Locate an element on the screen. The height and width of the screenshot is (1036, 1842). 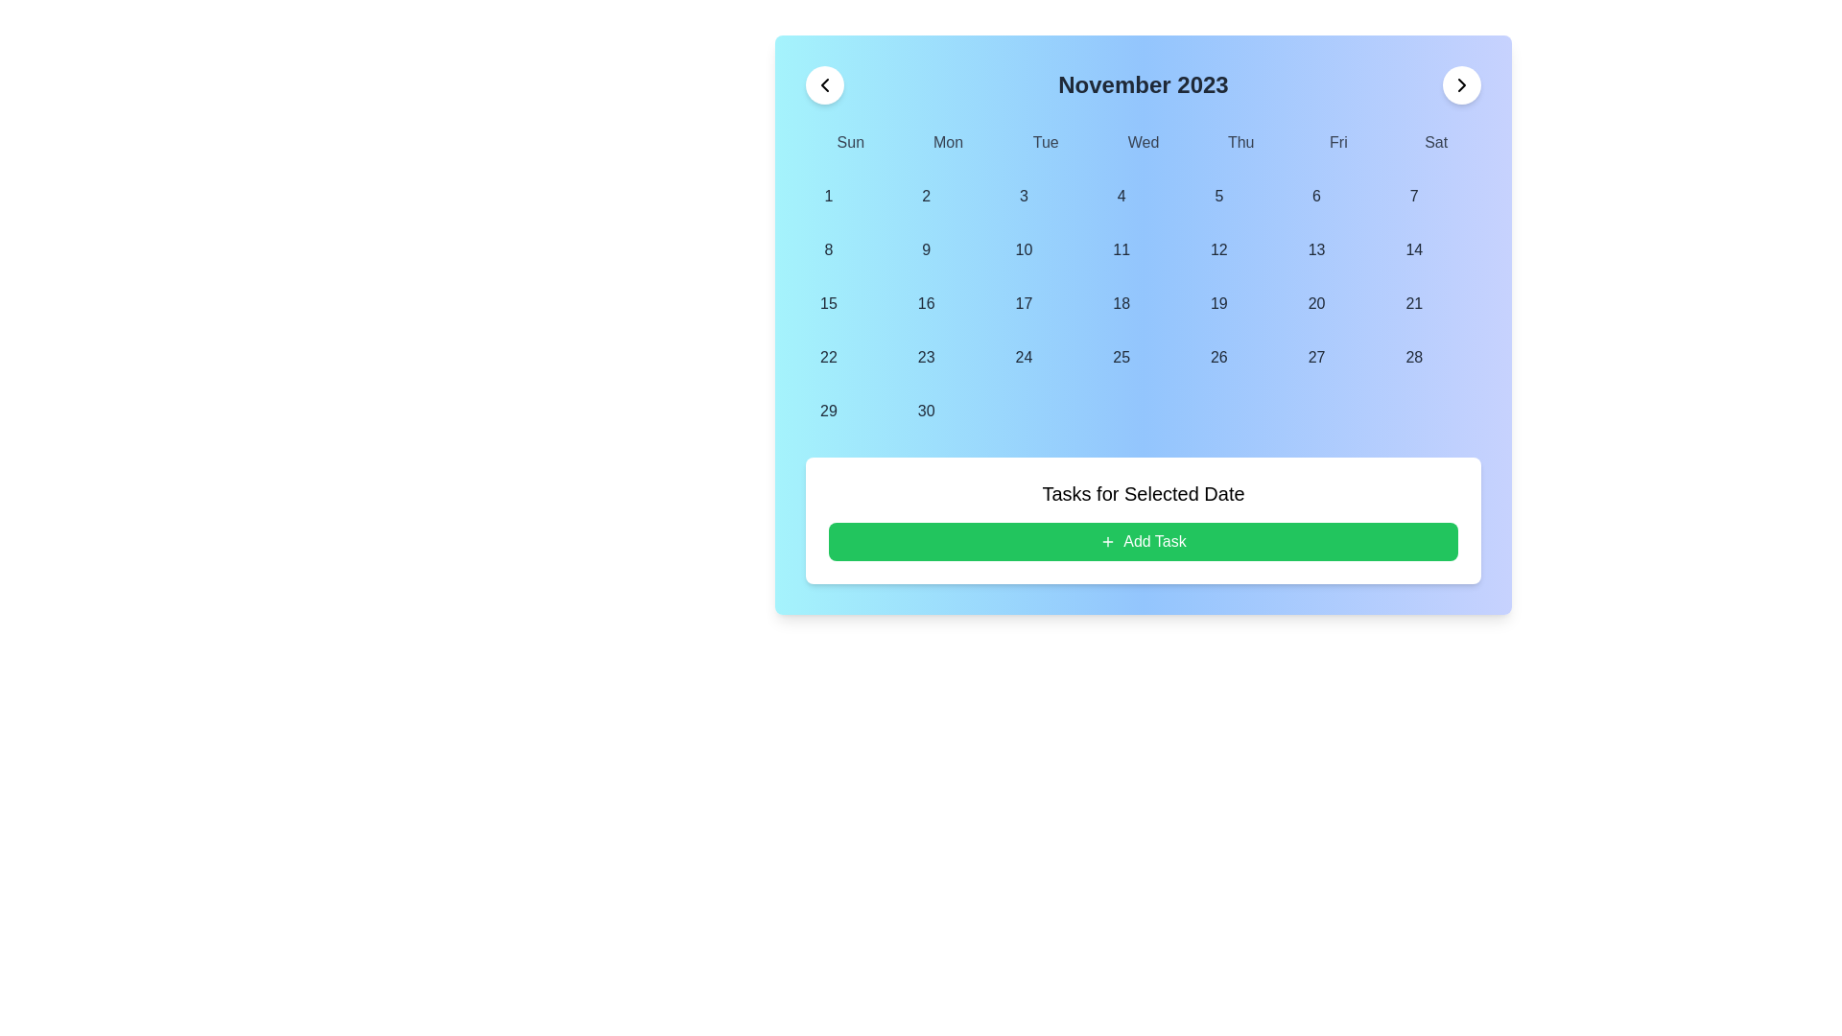
the square-shaped blue button with rounded corners containing the numeral '15' is located at coordinates (829, 302).